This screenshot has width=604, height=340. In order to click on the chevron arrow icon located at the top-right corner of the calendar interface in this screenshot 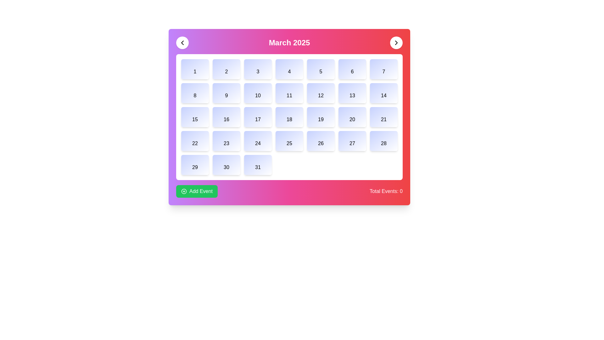, I will do `click(396, 42)`.